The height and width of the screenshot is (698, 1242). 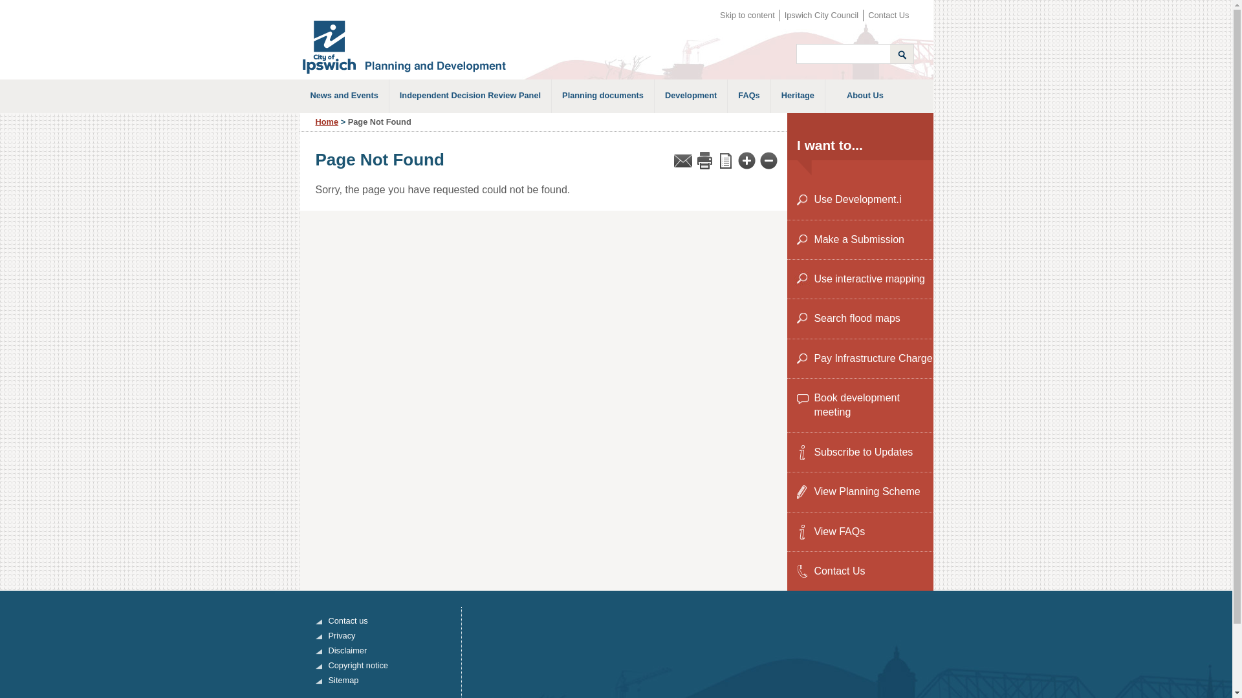 What do you see at coordinates (394, 635) in the screenshot?
I see `'Privacy'` at bounding box center [394, 635].